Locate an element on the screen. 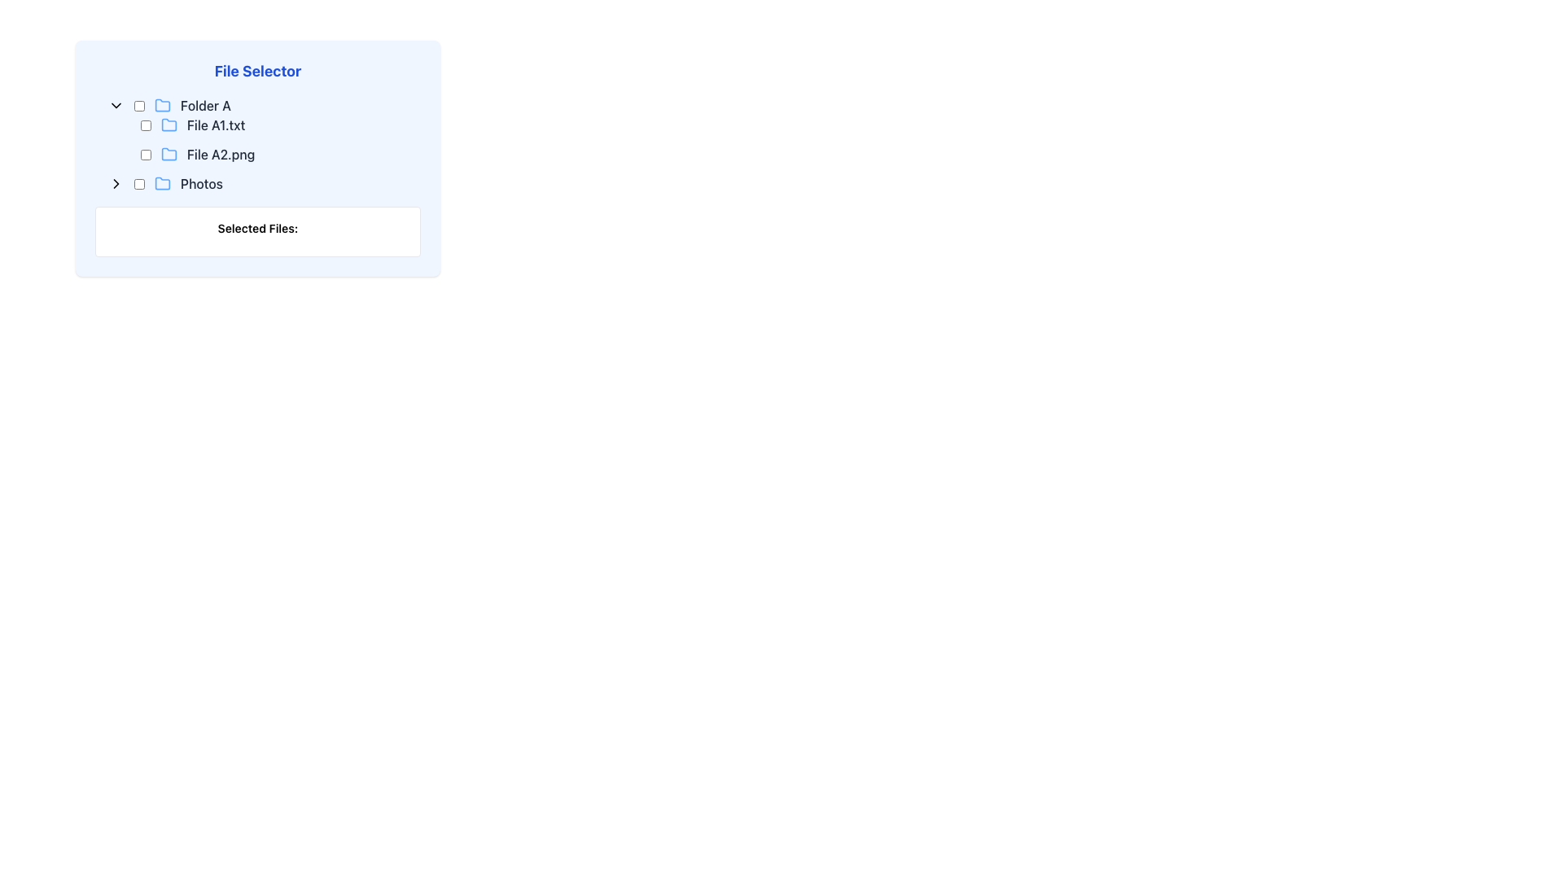 The height and width of the screenshot is (879, 1563). the expandable icon located to the left of the 'Photos' text is located at coordinates (116, 183).